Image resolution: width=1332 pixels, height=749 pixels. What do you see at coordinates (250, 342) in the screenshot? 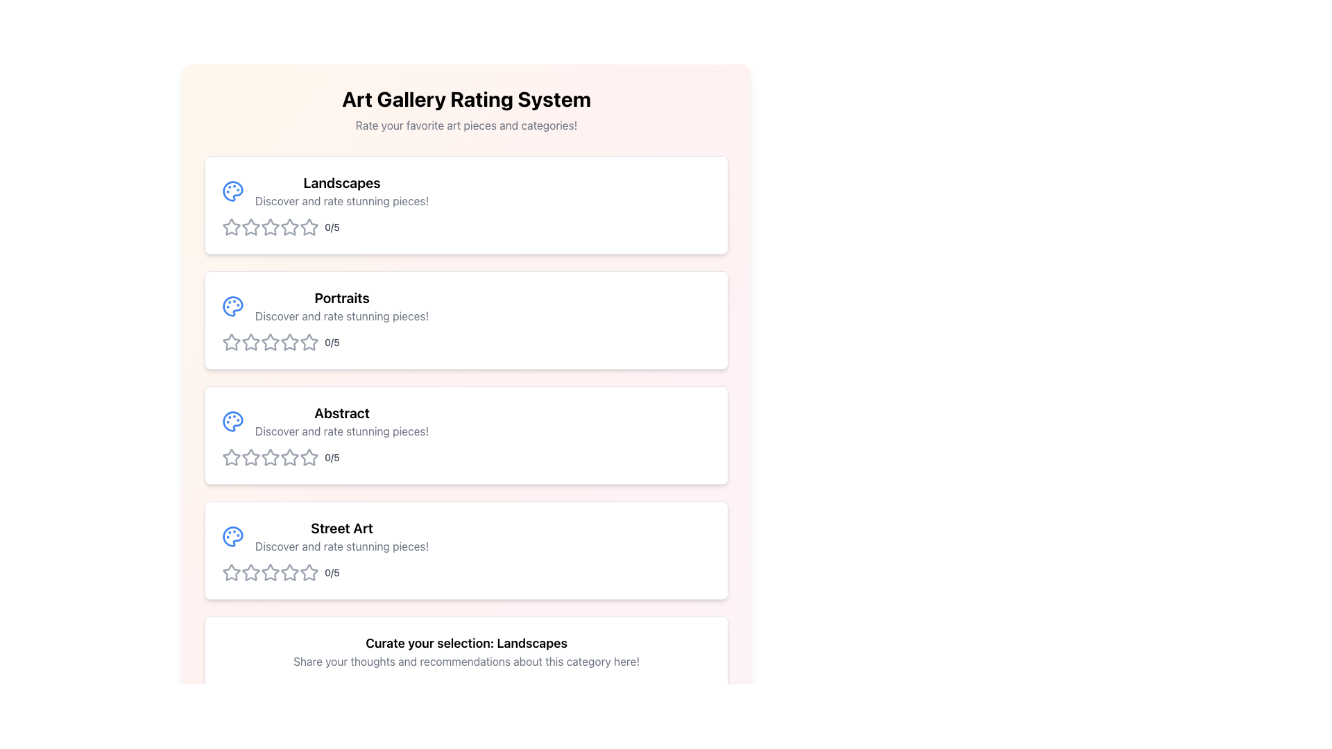
I see `the first star in the rating section of the 'Portraits' category` at bounding box center [250, 342].